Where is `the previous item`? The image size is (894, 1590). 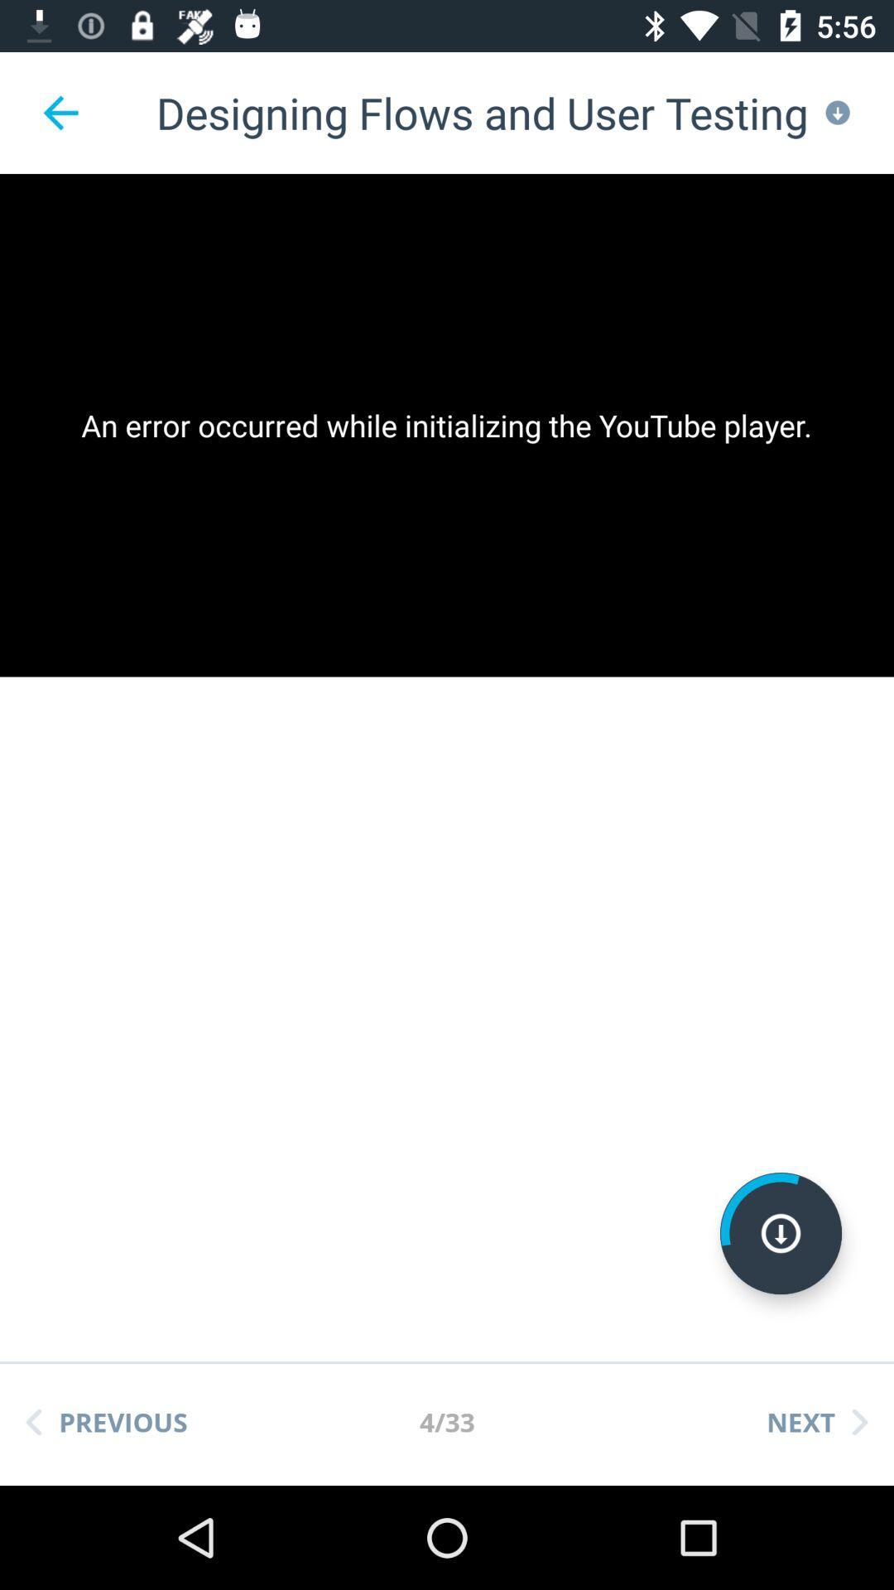 the previous item is located at coordinates (106, 1421).